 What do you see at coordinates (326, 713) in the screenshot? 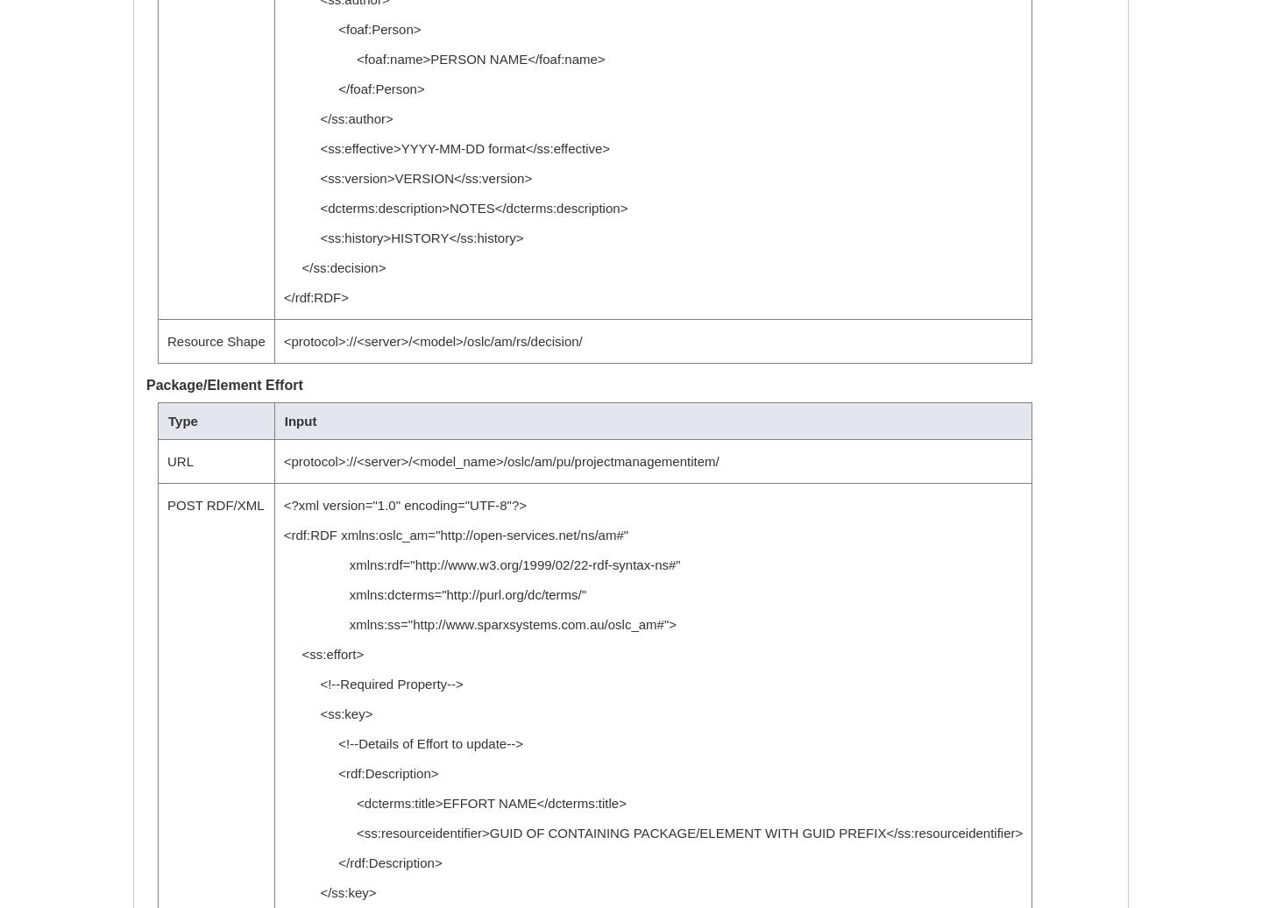
I see `'<ss:key>'` at bounding box center [326, 713].